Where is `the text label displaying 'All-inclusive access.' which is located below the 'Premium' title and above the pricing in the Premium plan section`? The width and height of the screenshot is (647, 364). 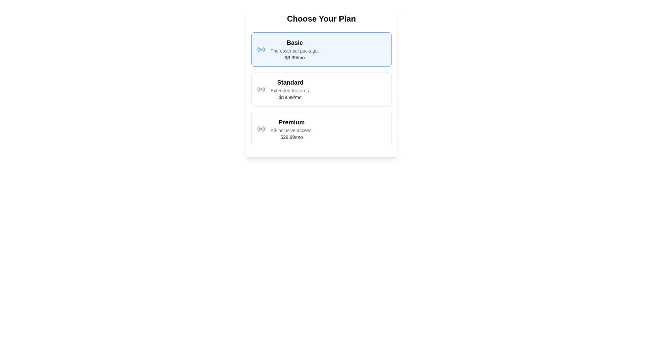 the text label displaying 'All-inclusive access.' which is located below the 'Premium' title and above the pricing in the Premium plan section is located at coordinates (291, 130).